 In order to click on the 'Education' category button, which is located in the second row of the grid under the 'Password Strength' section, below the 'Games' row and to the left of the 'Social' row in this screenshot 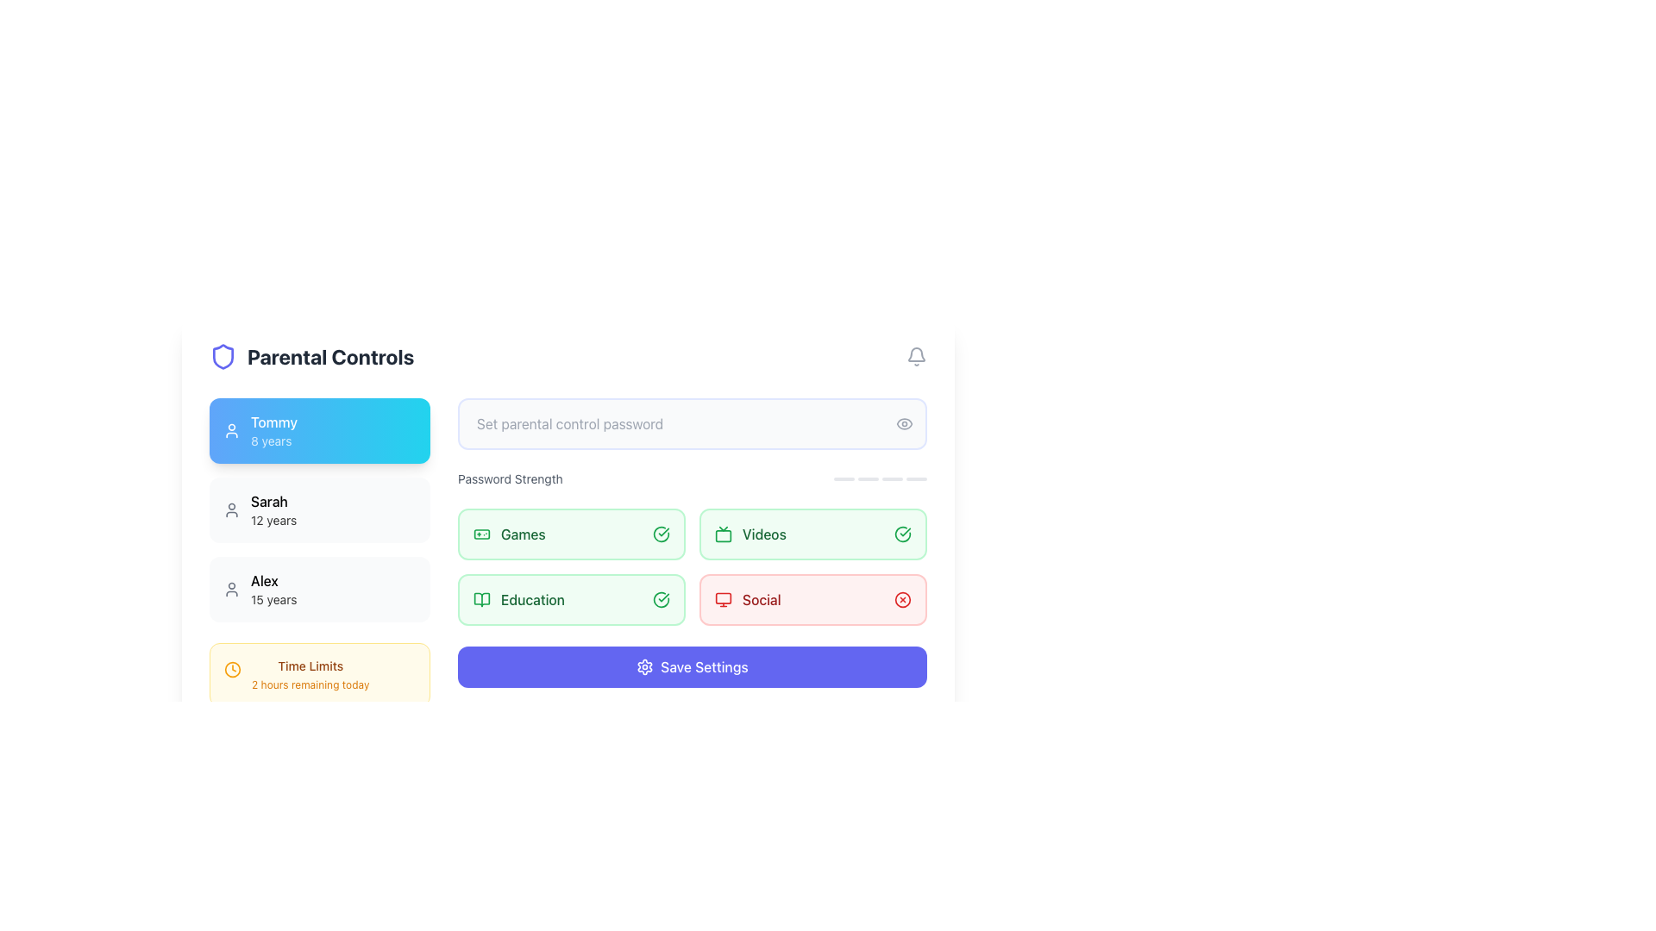, I will do `click(517, 598)`.